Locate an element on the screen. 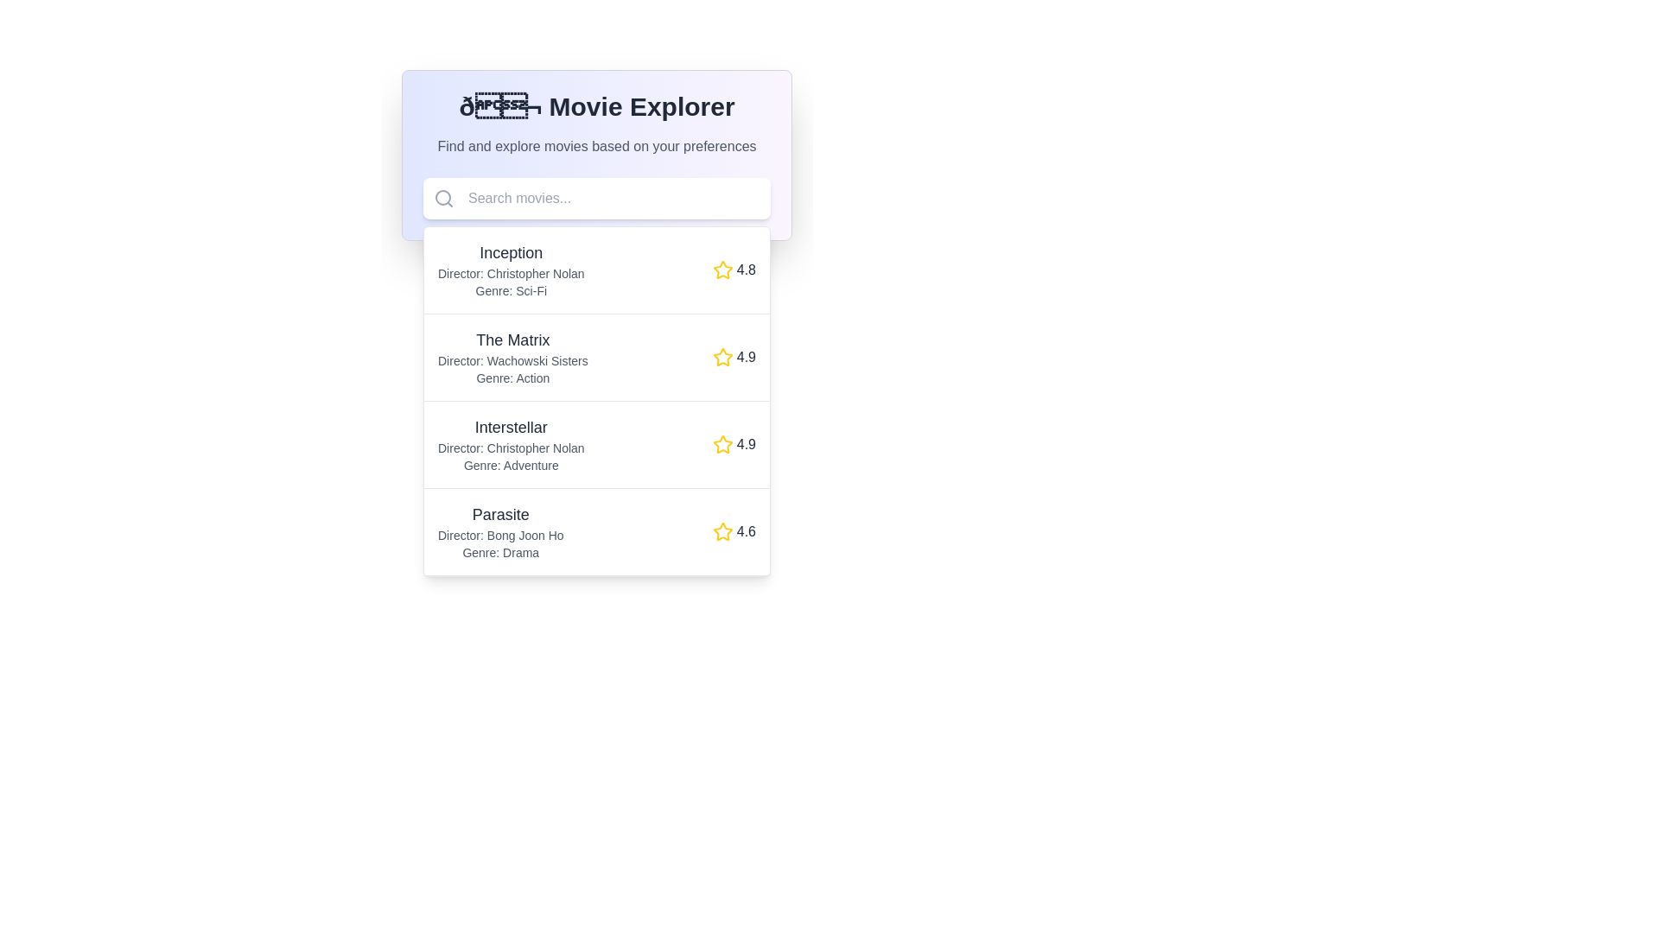 Image resolution: width=1659 pixels, height=933 pixels. the golden five-pointed star icon next to the rating '4.9' for the movie 'Interstellar' is located at coordinates (722, 443).